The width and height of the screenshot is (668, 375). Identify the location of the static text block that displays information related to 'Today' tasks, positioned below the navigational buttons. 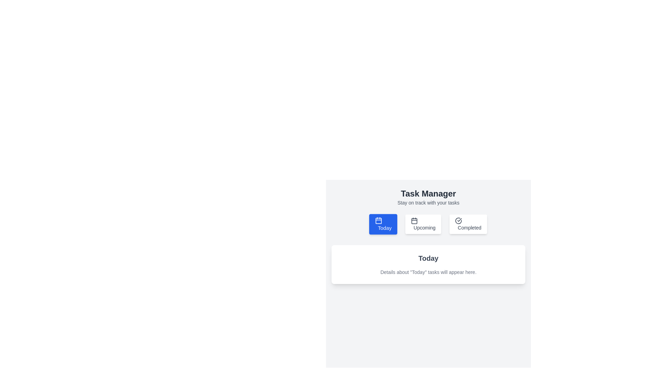
(428, 265).